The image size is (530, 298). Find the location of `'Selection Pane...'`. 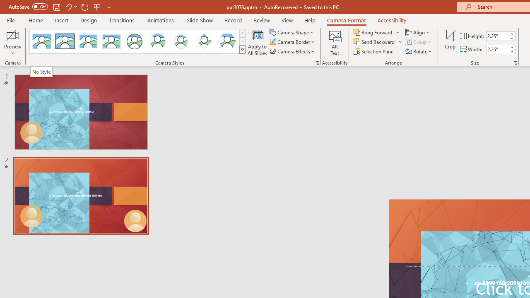

'Selection Pane...' is located at coordinates (374, 51).